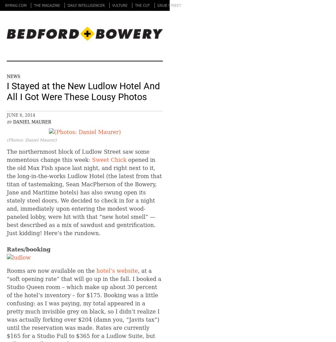 The image size is (336, 342). What do you see at coordinates (83, 196) in the screenshot?
I see `'opened in the old Max Fish space last night, and right next to it, the long-in-the-works Ludlow Hotel (the latest from that titan of tastemaking, Sean MacPherson of the Bowery, Jane and Maritime hotels) has also swung open its stately steel doors. We decided to check in for a night and, immediately upon entering the modest wood-paneled lobby, were hit with that “new hotel smell” — best described as a mix of sawdust and gentrification. Just kidding! Here’s the rundown.'` at bounding box center [83, 196].